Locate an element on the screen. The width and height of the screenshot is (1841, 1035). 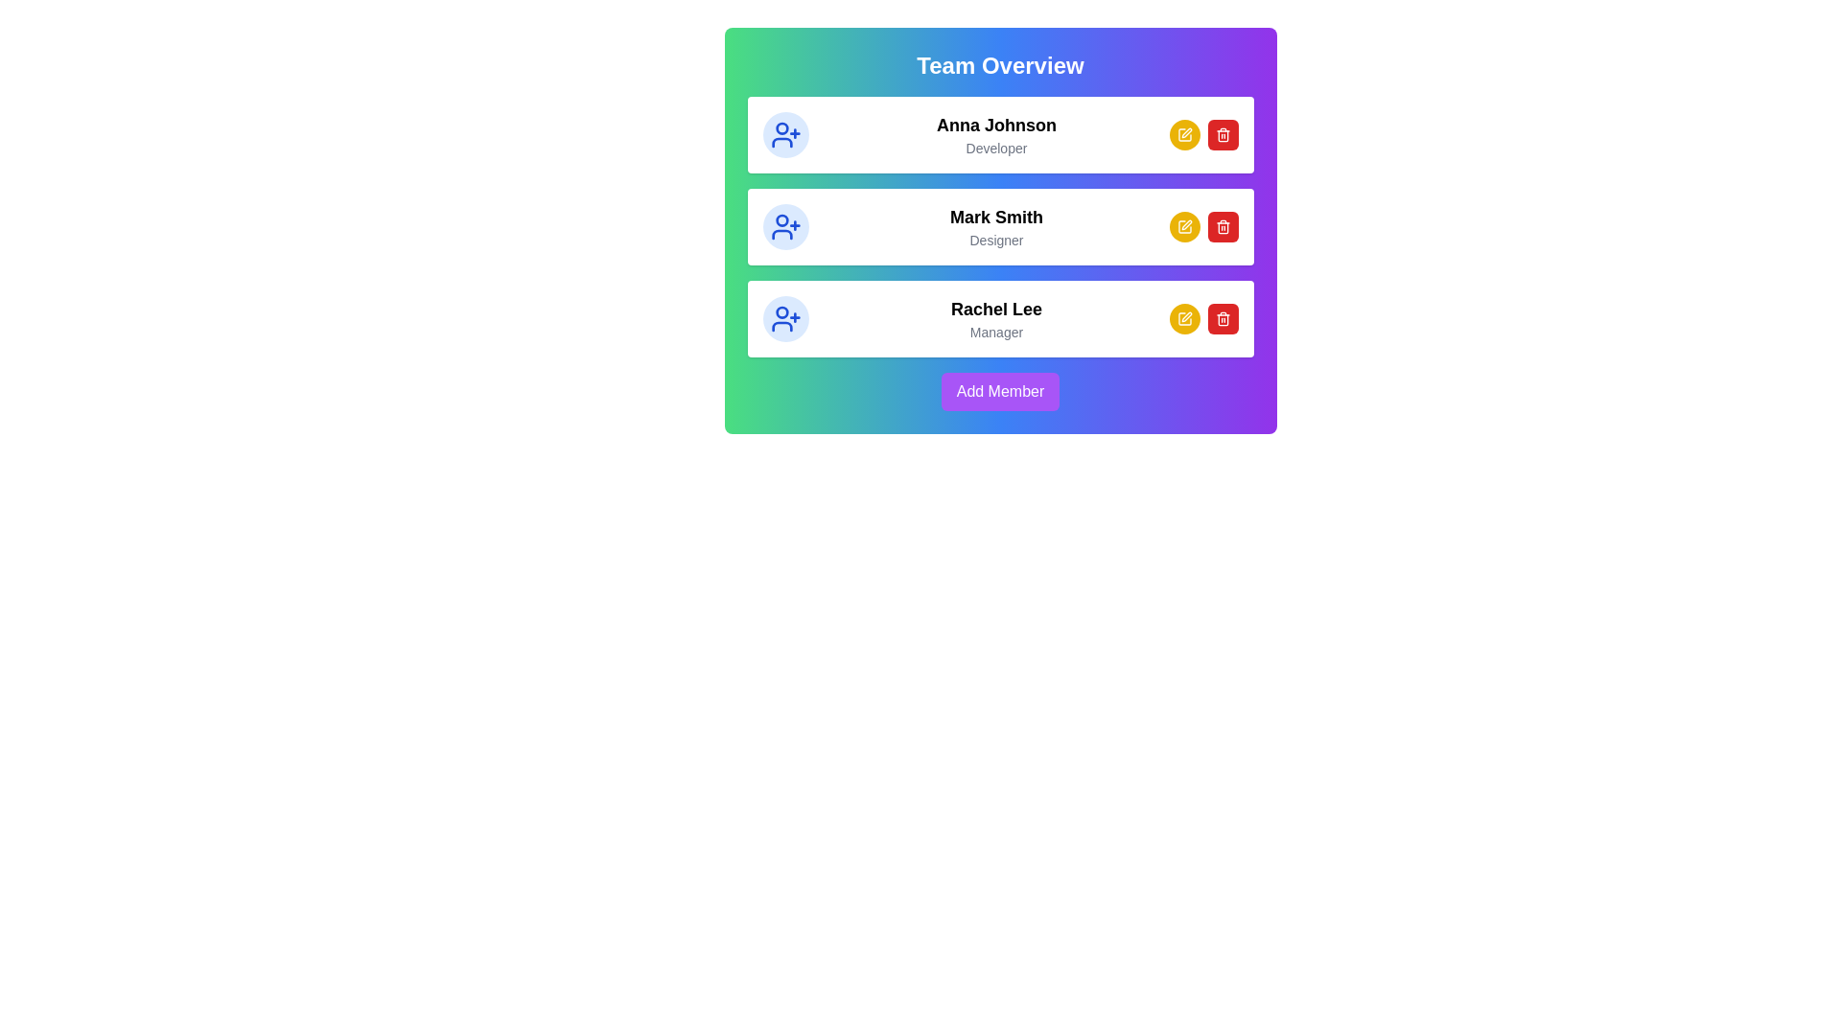
the yellow circular button with a pencil icon next to the 'Rachel Lee' user information is located at coordinates (1183, 317).